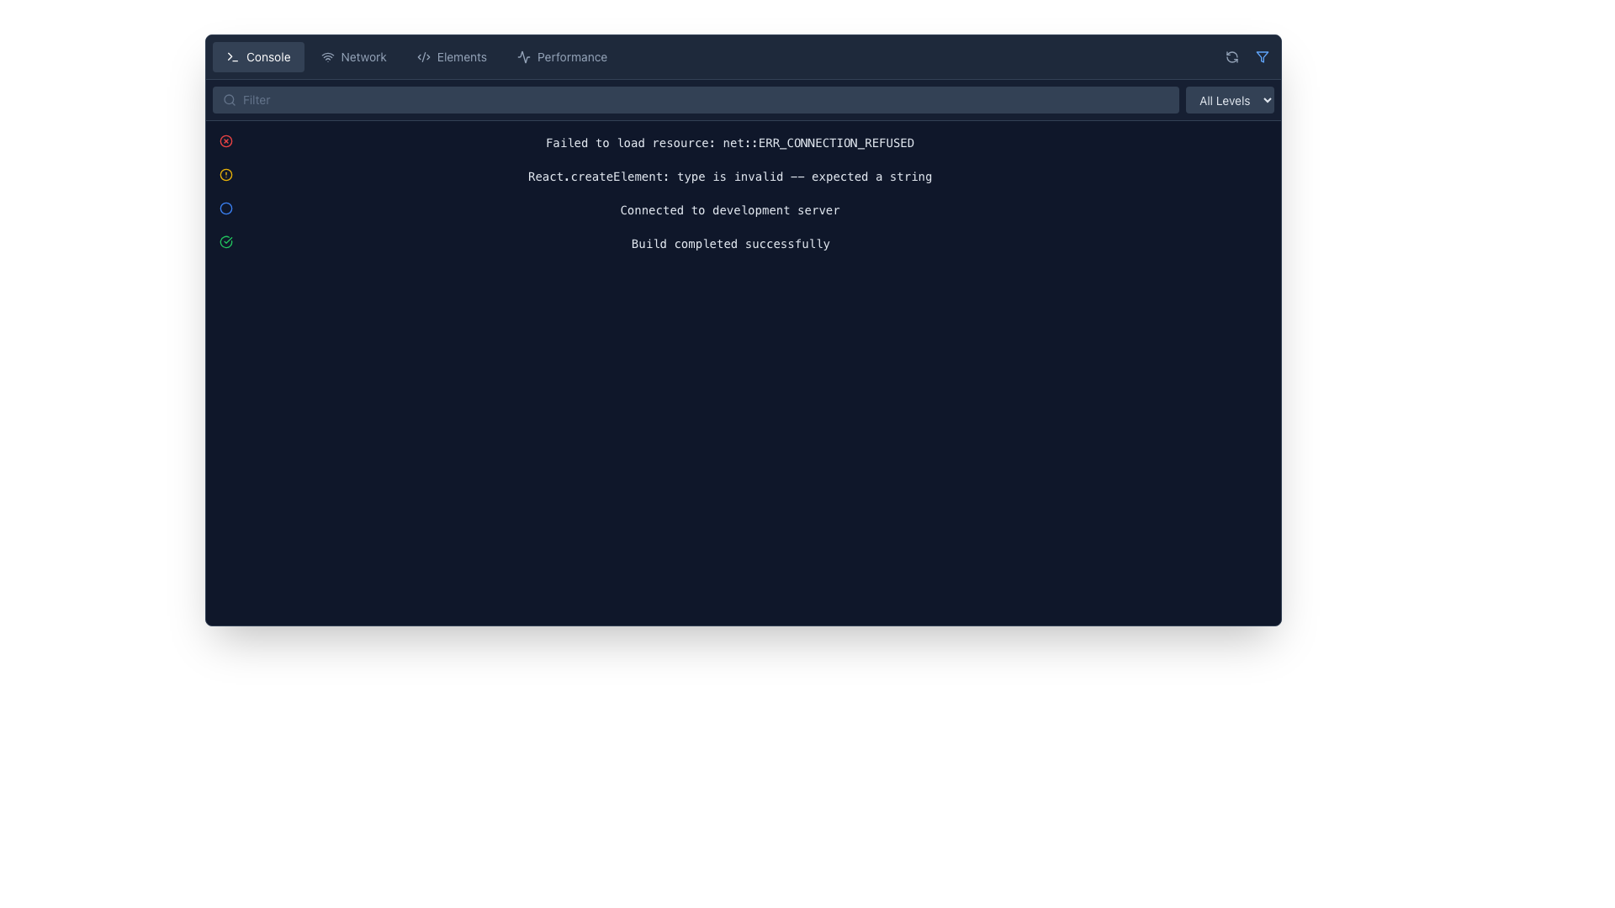 Image resolution: width=1615 pixels, height=908 pixels. What do you see at coordinates (225, 175) in the screenshot?
I see `the warning indicator represented by the SVG circle, which is part of an icon in the toolbar area of the interface` at bounding box center [225, 175].